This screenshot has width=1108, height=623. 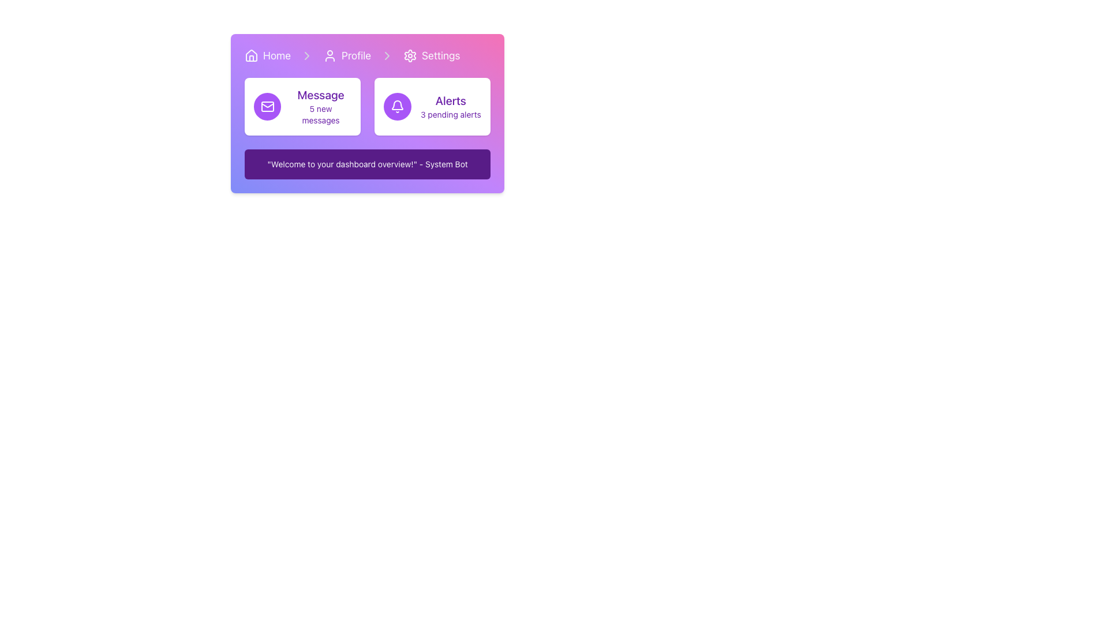 What do you see at coordinates (367, 164) in the screenshot?
I see `the Informational Banner with a purple background that displays the message 'Welcome to your dashboard overview!' from the System Bot` at bounding box center [367, 164].